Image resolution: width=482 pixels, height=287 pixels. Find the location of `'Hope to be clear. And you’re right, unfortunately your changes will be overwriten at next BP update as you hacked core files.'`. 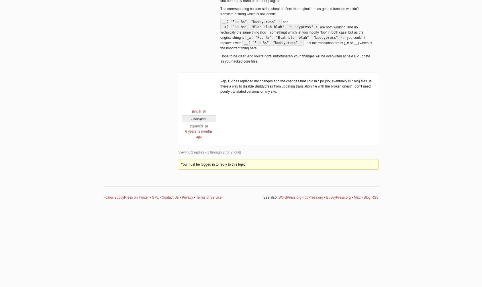

'Hope to be clear. And you’re right, unfortunately your changes will be overwriten at next BP update as you hacked core files.' is located at coordinates (295, 58).